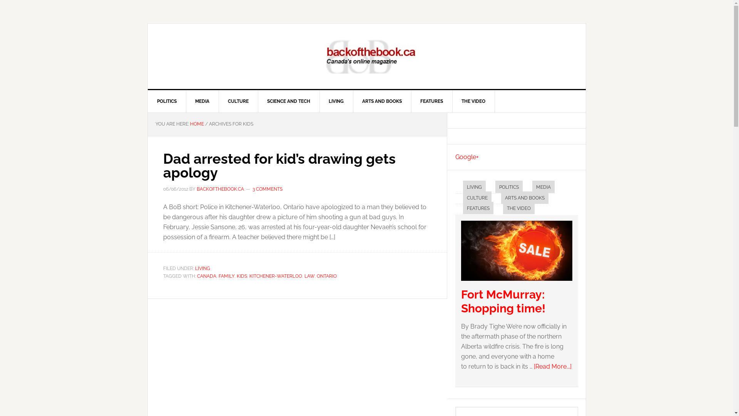 This screenshot has width=739, height=416. What do you see at coordinates (466, 156) in the screenshot?
I see `'Google+'` at bounding box center [466, 156].